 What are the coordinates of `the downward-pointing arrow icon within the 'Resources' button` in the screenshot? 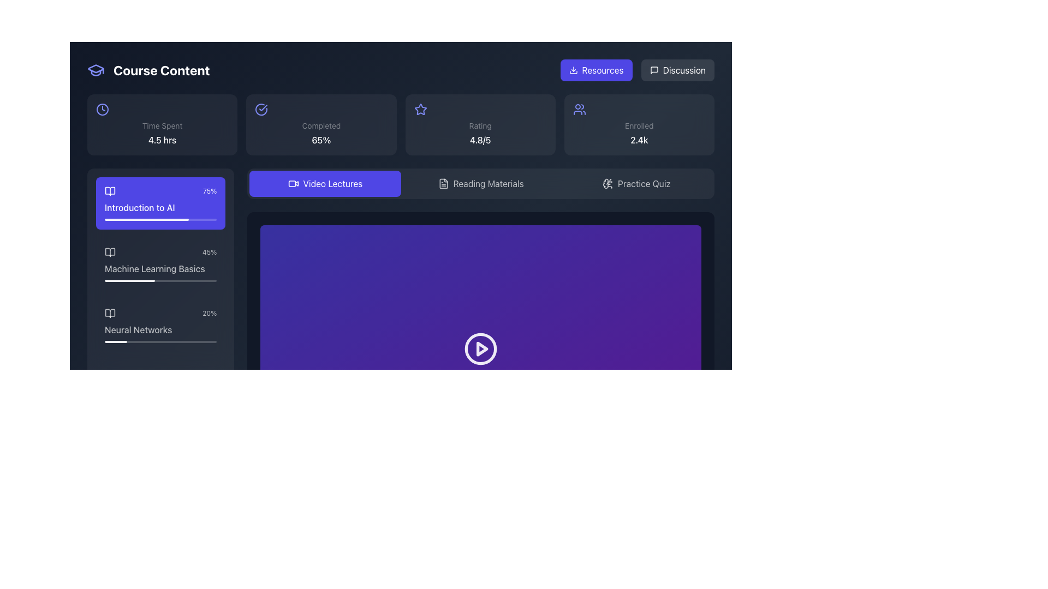 It's located at (573, 70).